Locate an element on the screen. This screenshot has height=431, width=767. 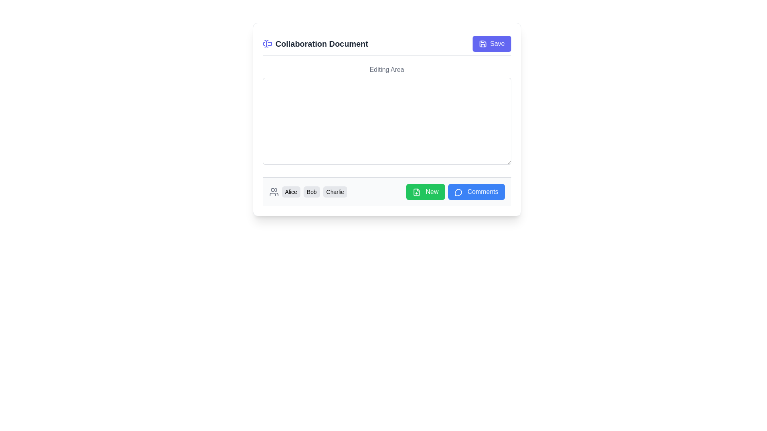
the text label or tag that denotes a user or attribute, located rightmost in a horizontal row of buttons labeled 'Alice', 'Bob', and 'Charlie' is located at coordinates (335, 192).